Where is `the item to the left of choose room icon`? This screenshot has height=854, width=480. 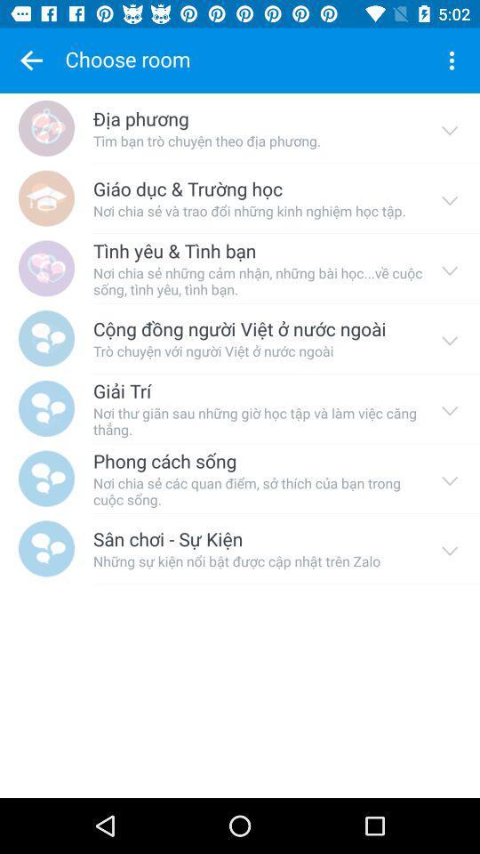
the item to the left of choose room icon is located at coordinates (31, 60).